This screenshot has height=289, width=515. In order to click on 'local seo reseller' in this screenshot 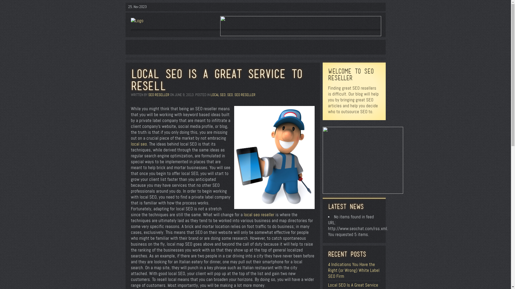, I will do `click(259, 214)`.